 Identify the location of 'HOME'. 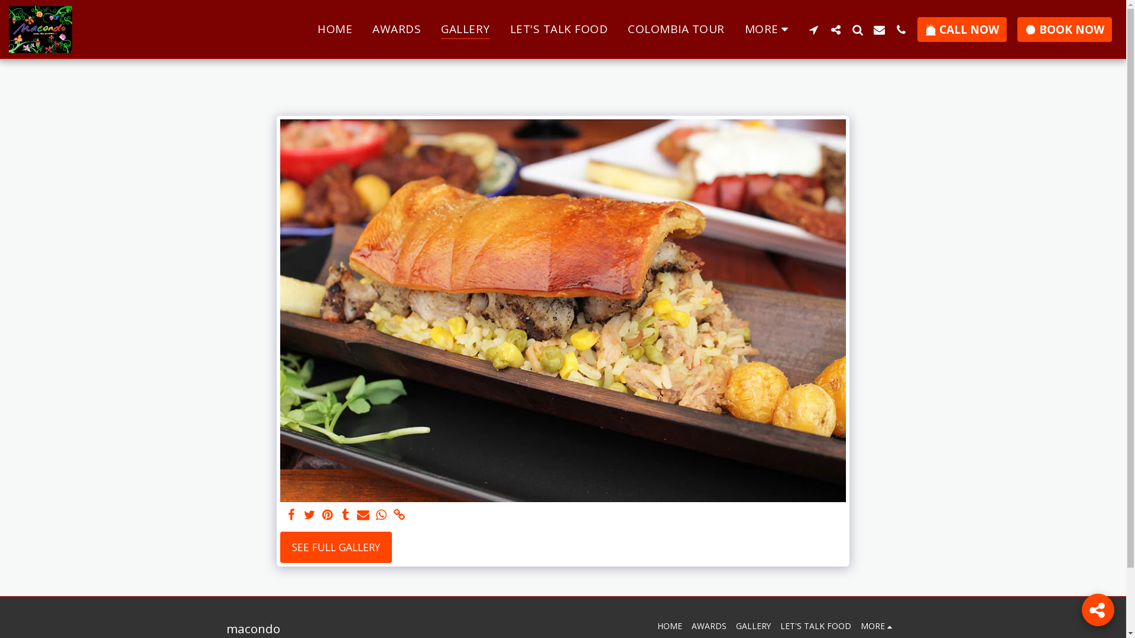
(334, 29).